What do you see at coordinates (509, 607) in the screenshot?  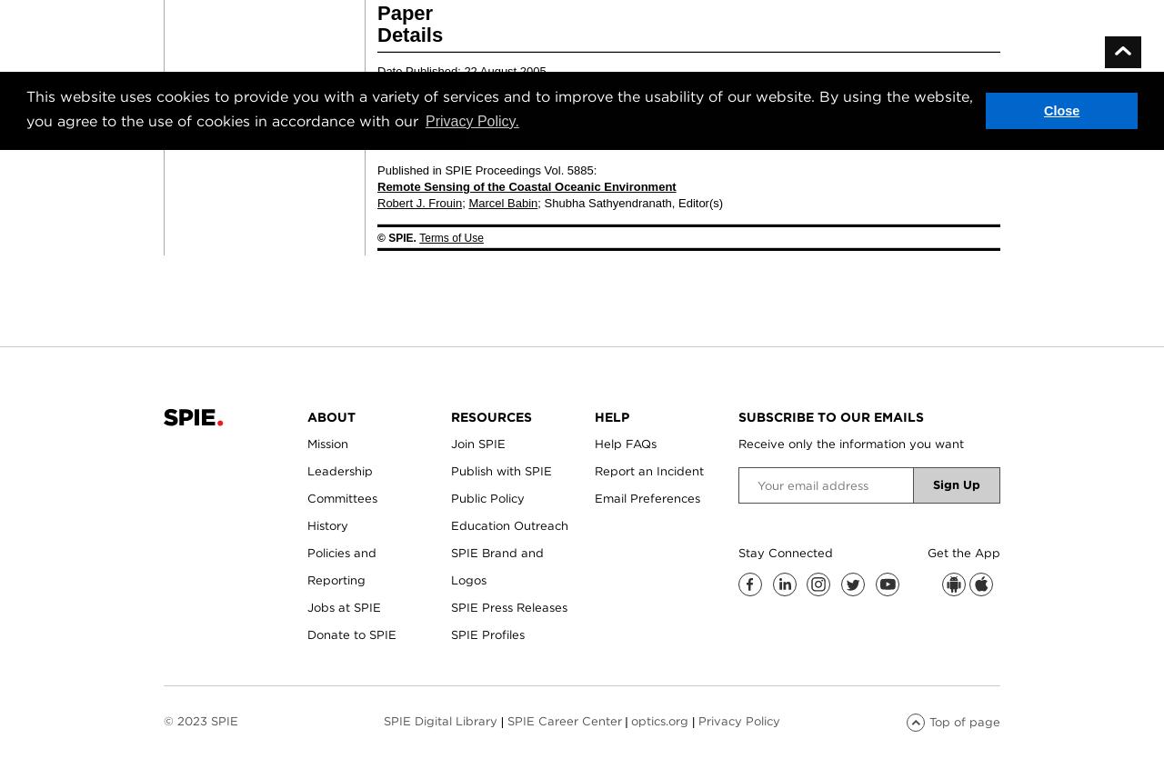 I see `'SPIE Press Releases'` at bounding box center [509, 607].